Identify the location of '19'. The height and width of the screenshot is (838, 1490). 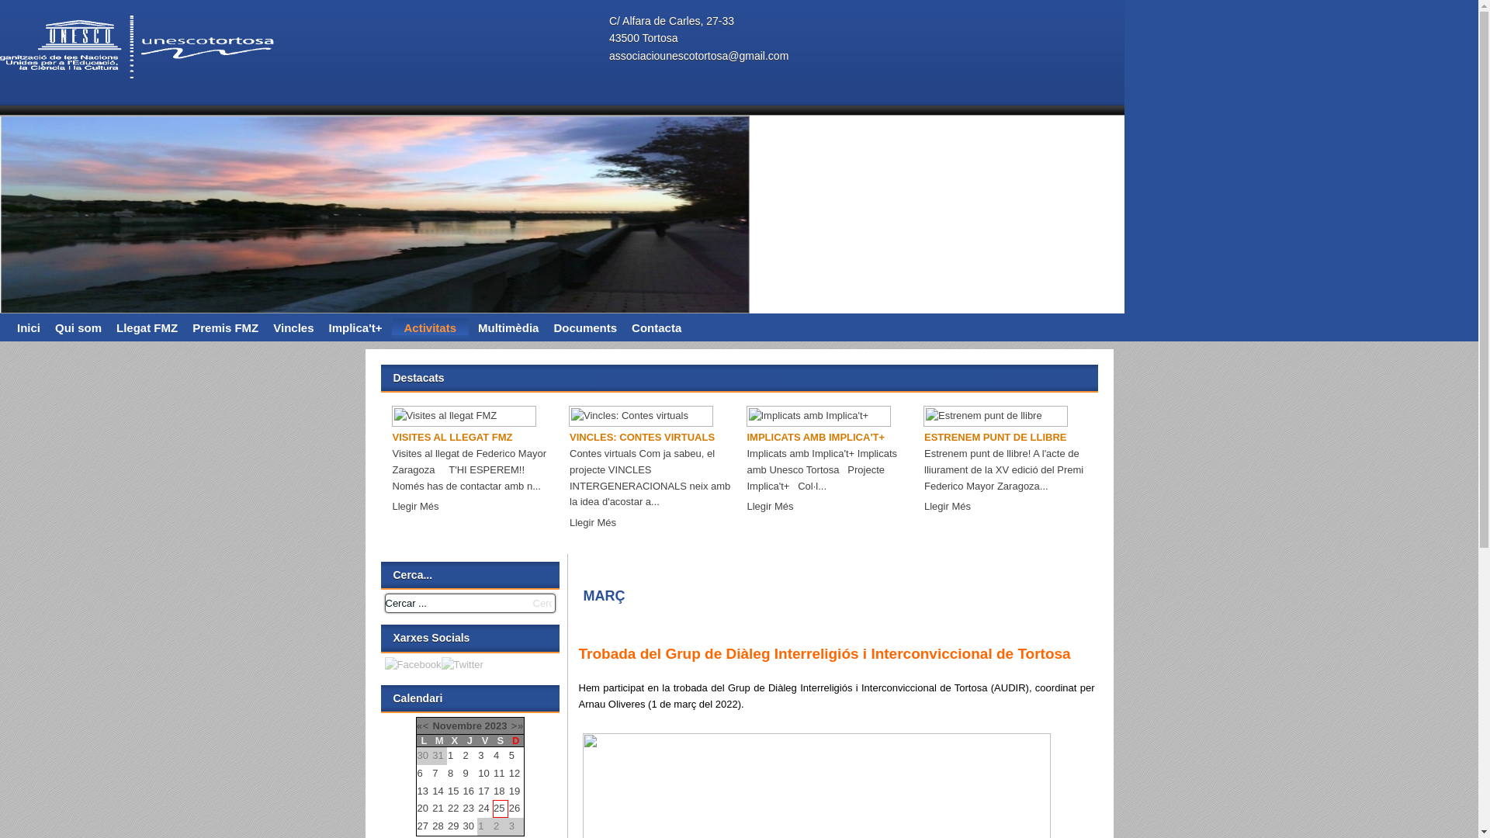
(509, 791).